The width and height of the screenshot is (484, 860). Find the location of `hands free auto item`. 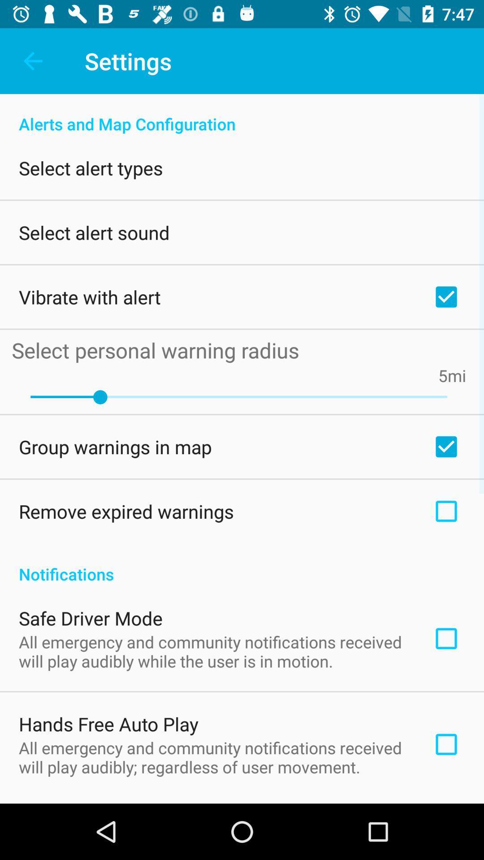

hands free auto item is located at coordinates (108, 724).